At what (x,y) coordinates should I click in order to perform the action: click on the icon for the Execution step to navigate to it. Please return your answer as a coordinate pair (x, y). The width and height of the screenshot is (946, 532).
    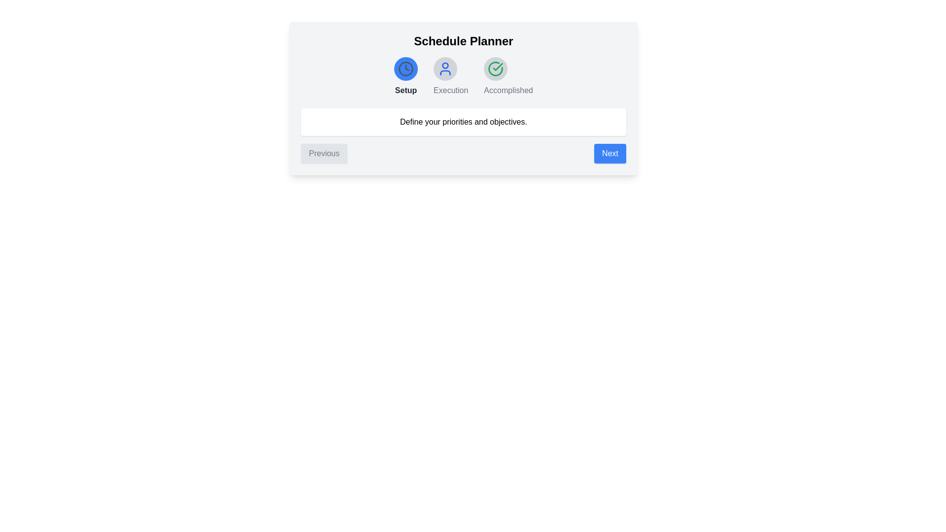
    Looking at the image, I should click on (445, 68).